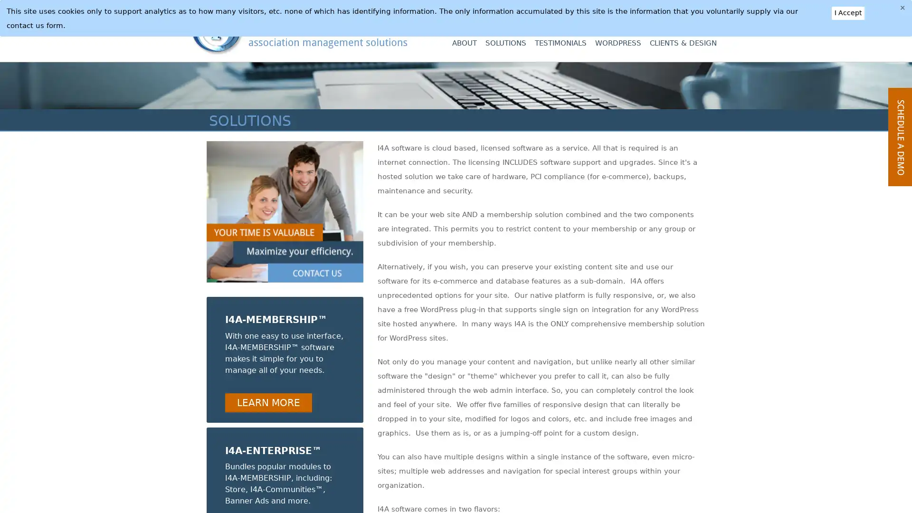 The height and width of the screenshot is (513, 912). What do you see at coordinates (902, 7) in the screenshot?
I see `Close` at bounding box center [902, 7].